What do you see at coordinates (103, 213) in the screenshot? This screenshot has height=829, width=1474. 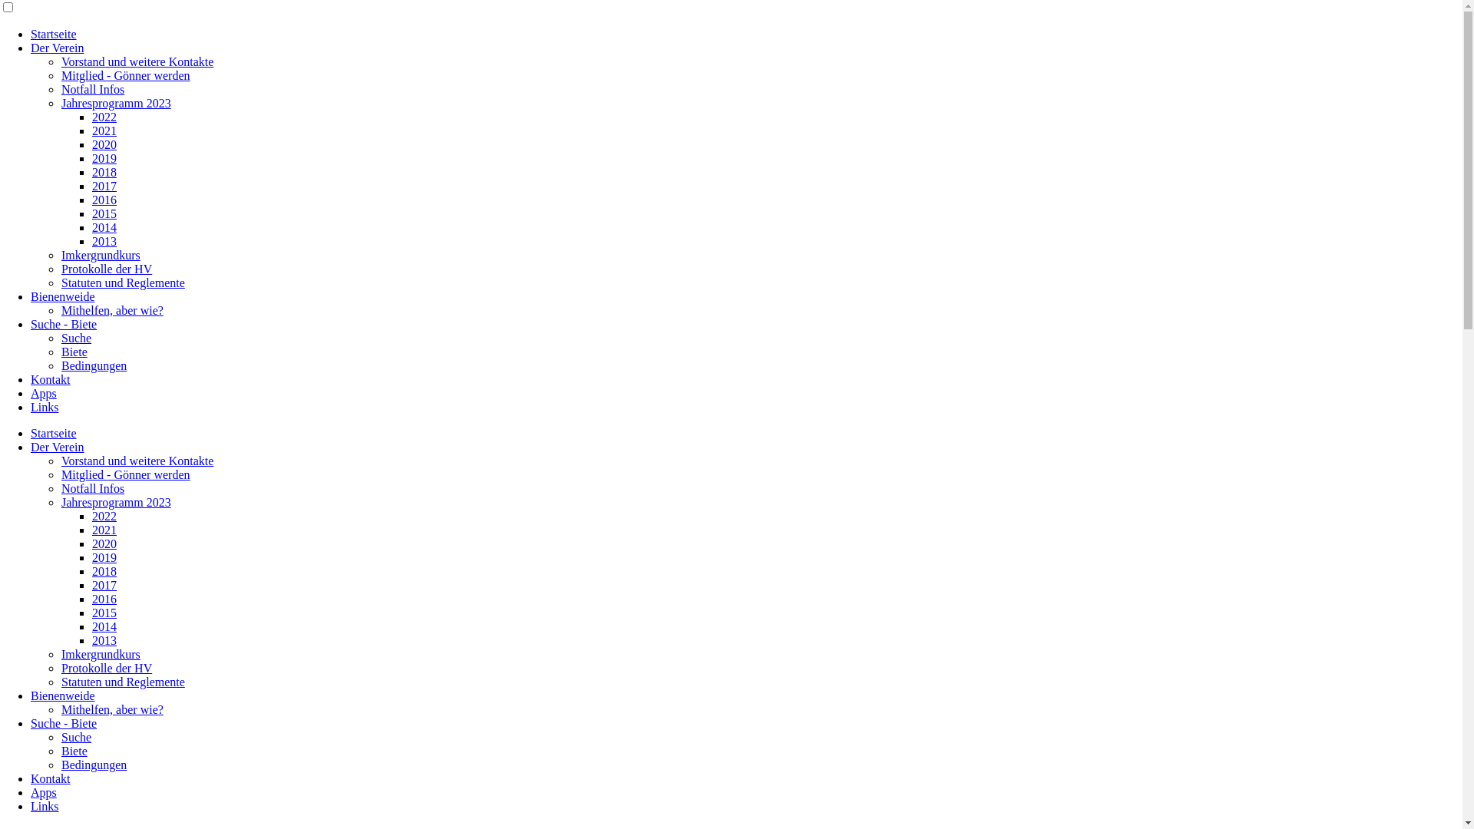 I see `'2015'` at bounding box center [103, 213].